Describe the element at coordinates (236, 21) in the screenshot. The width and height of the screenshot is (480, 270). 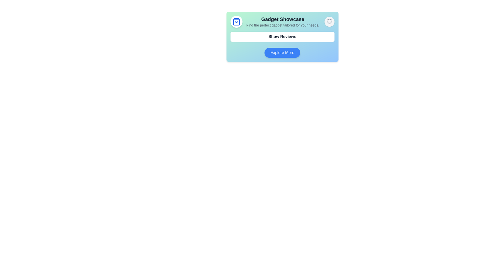
I see `the blue shopping bag icon on a white circular background, located at the top-left corner of the card next to 'Gadget Showcase'` at that location.